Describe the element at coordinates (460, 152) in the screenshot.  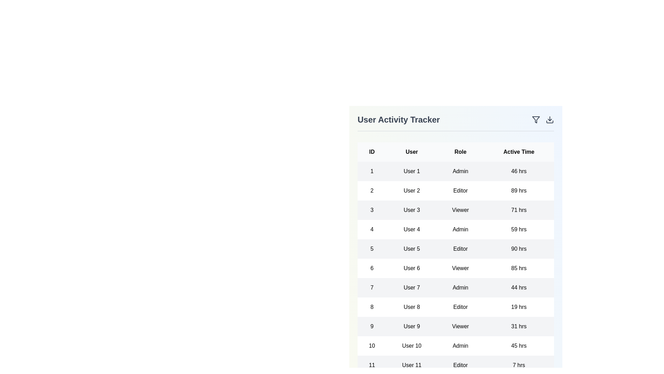
I see `the column header Role to sort the table by that column` at that location.